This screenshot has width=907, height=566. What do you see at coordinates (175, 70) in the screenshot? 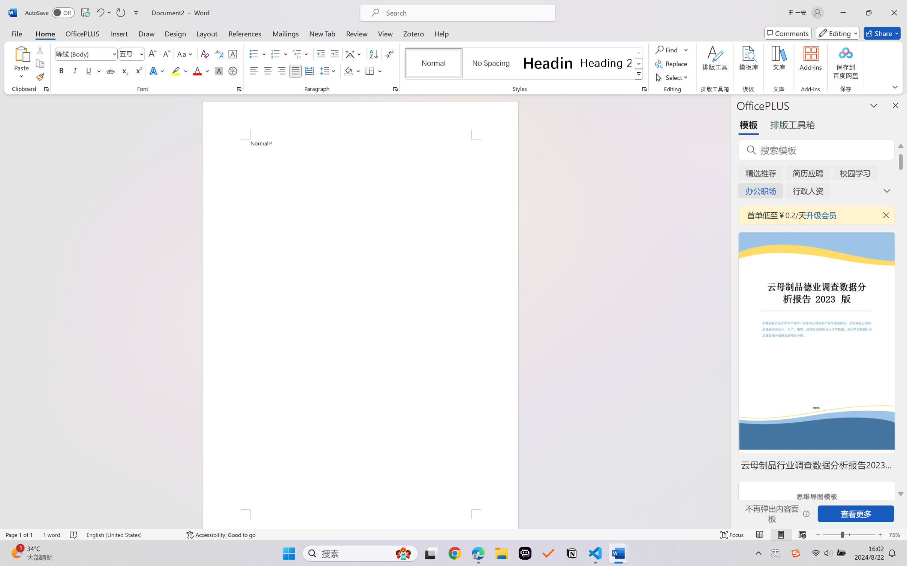
I see `'Text Highlight Color Yellow'` at bounding box center [175, 70].